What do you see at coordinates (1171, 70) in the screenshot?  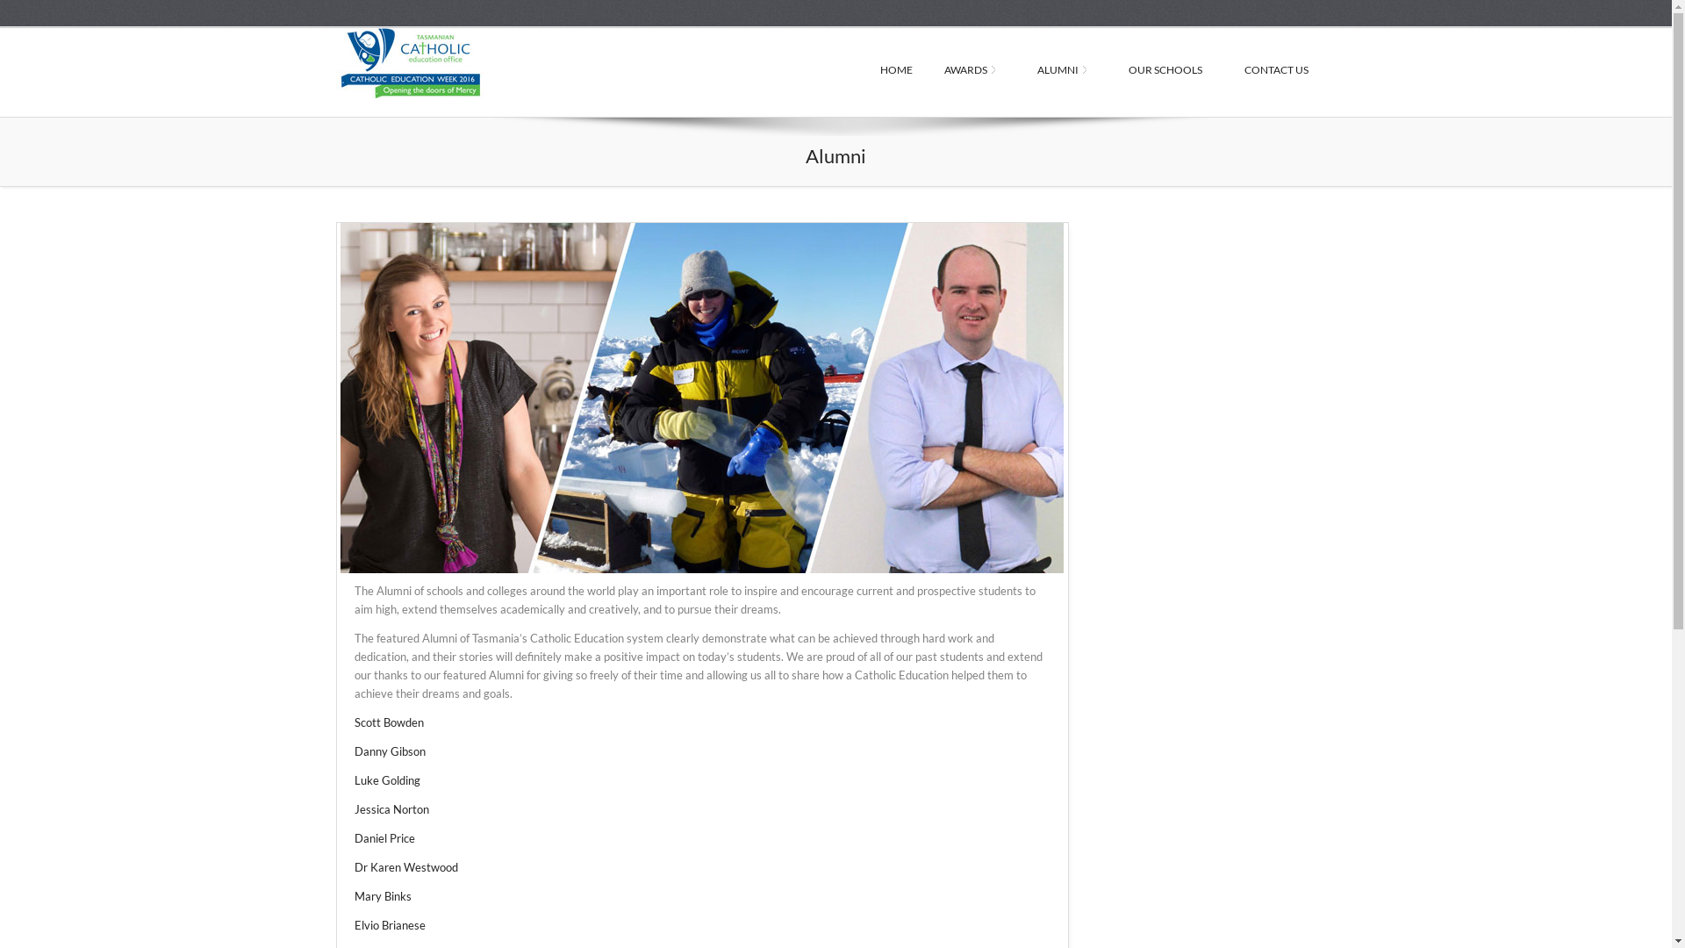 I see `'OUR SCHOOLS'` at bounding box center [1171, 70].